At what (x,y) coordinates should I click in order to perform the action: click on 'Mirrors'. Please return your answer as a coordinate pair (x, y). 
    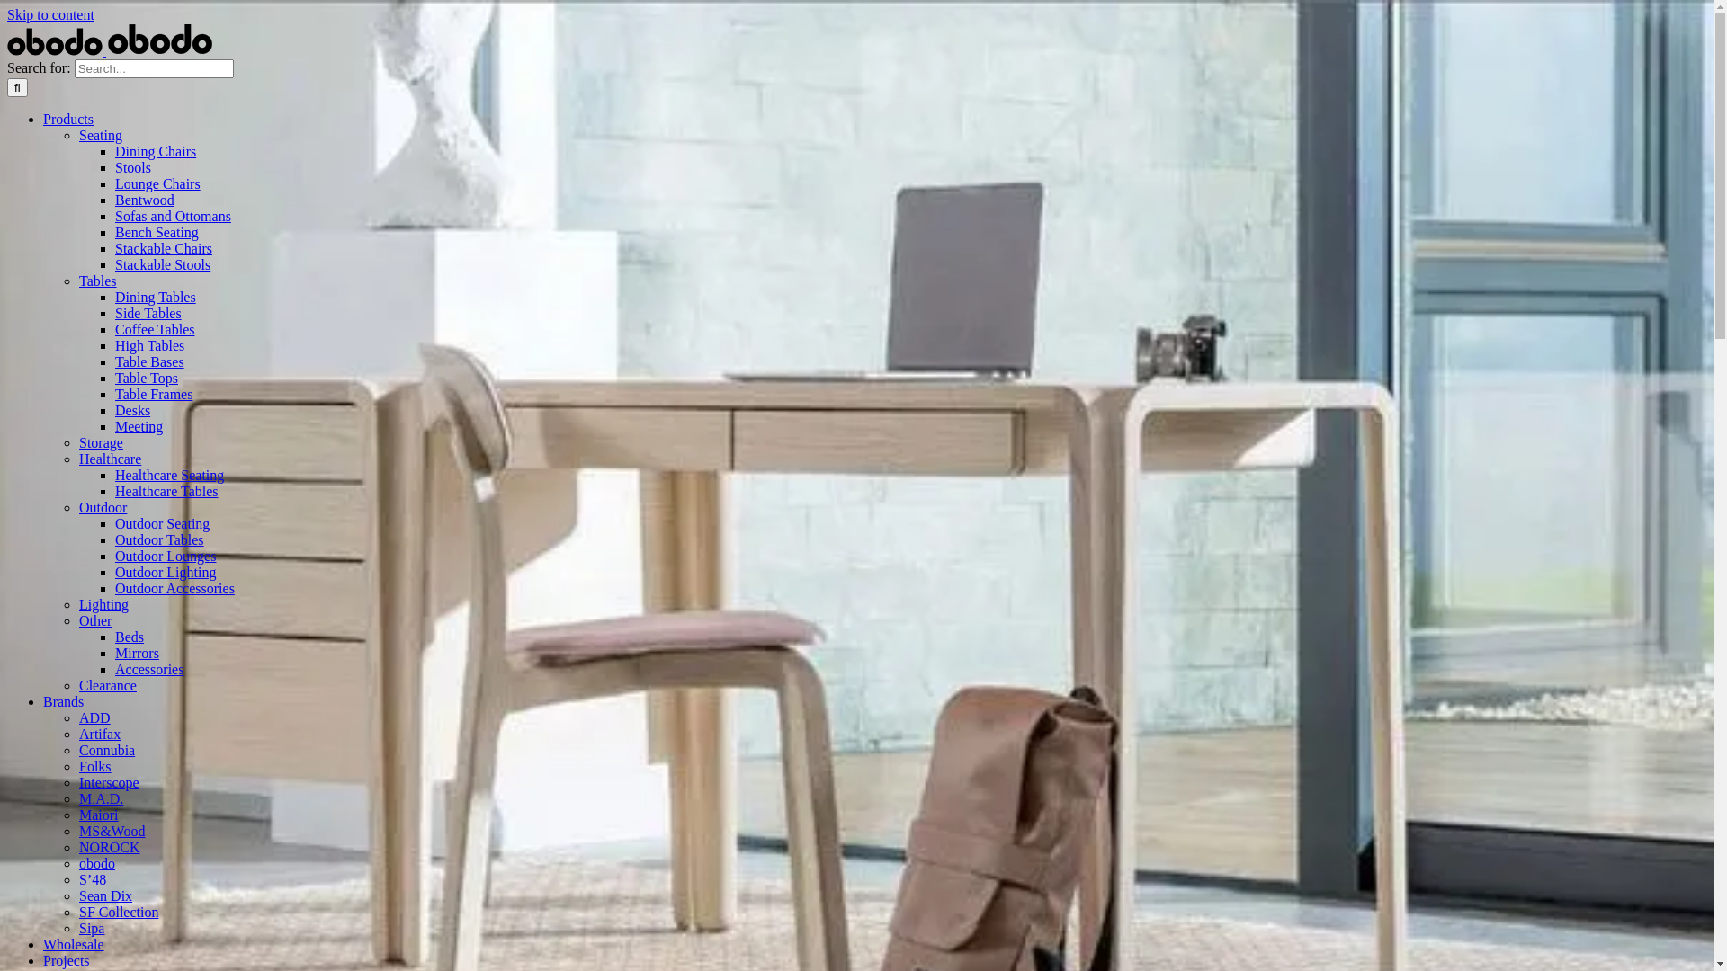
    Looking at the image, I should click on (136, 653).